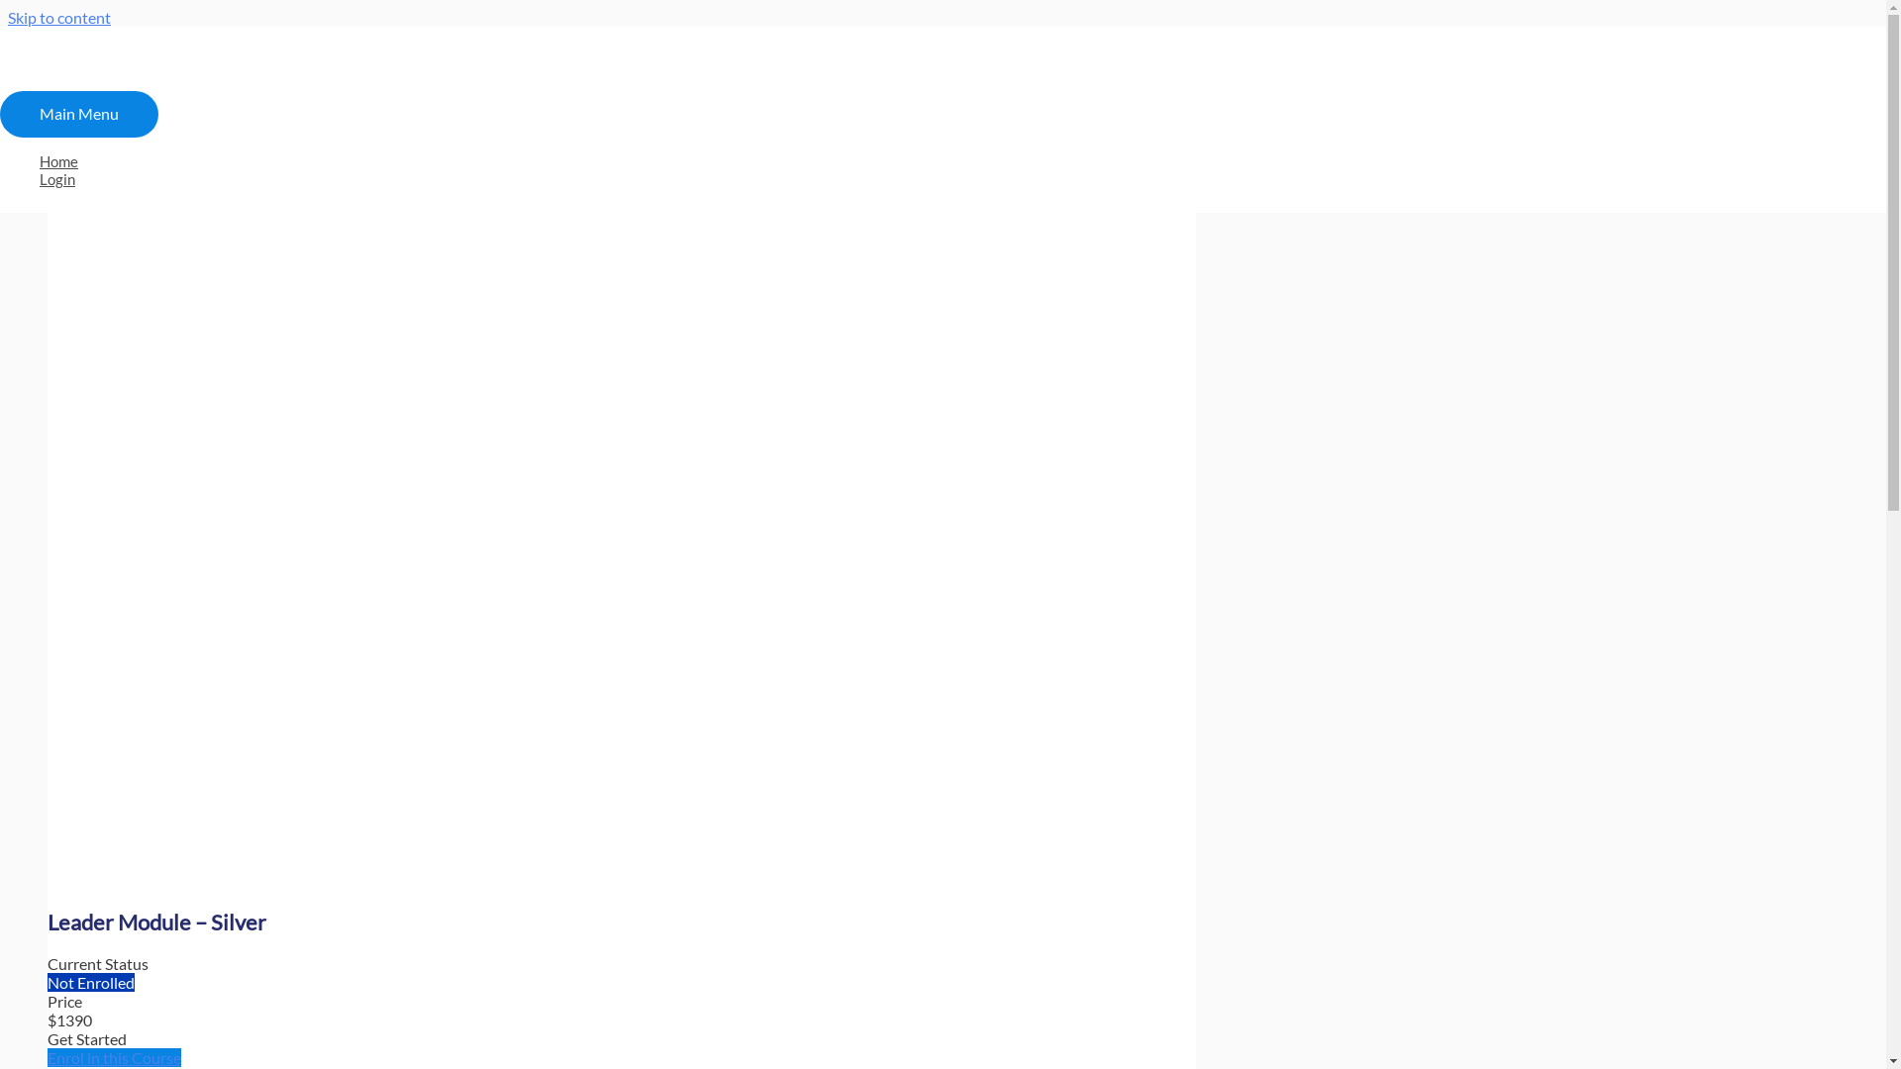 This screenshot has width=1901, height=1069. I want to click on 'Enrol in this Course', so click(113, 1056).